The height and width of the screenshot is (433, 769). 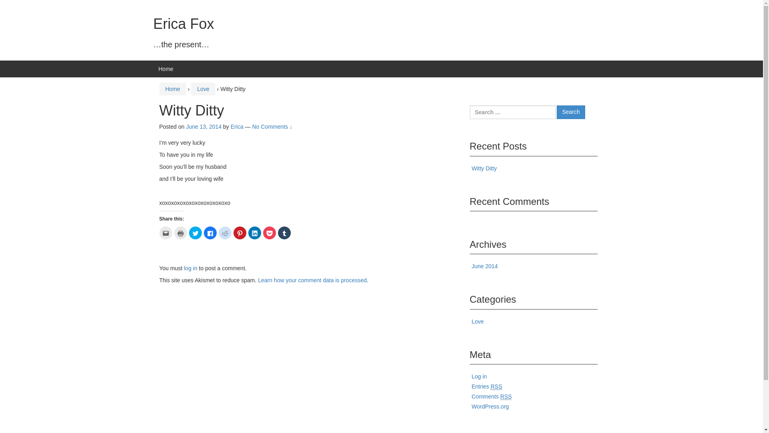 What do you see at coordinates (284, 233) in the screenshot?
I see `'Click to share on Tumblr (Opens in new window)'` at bounding box center [284, 233].